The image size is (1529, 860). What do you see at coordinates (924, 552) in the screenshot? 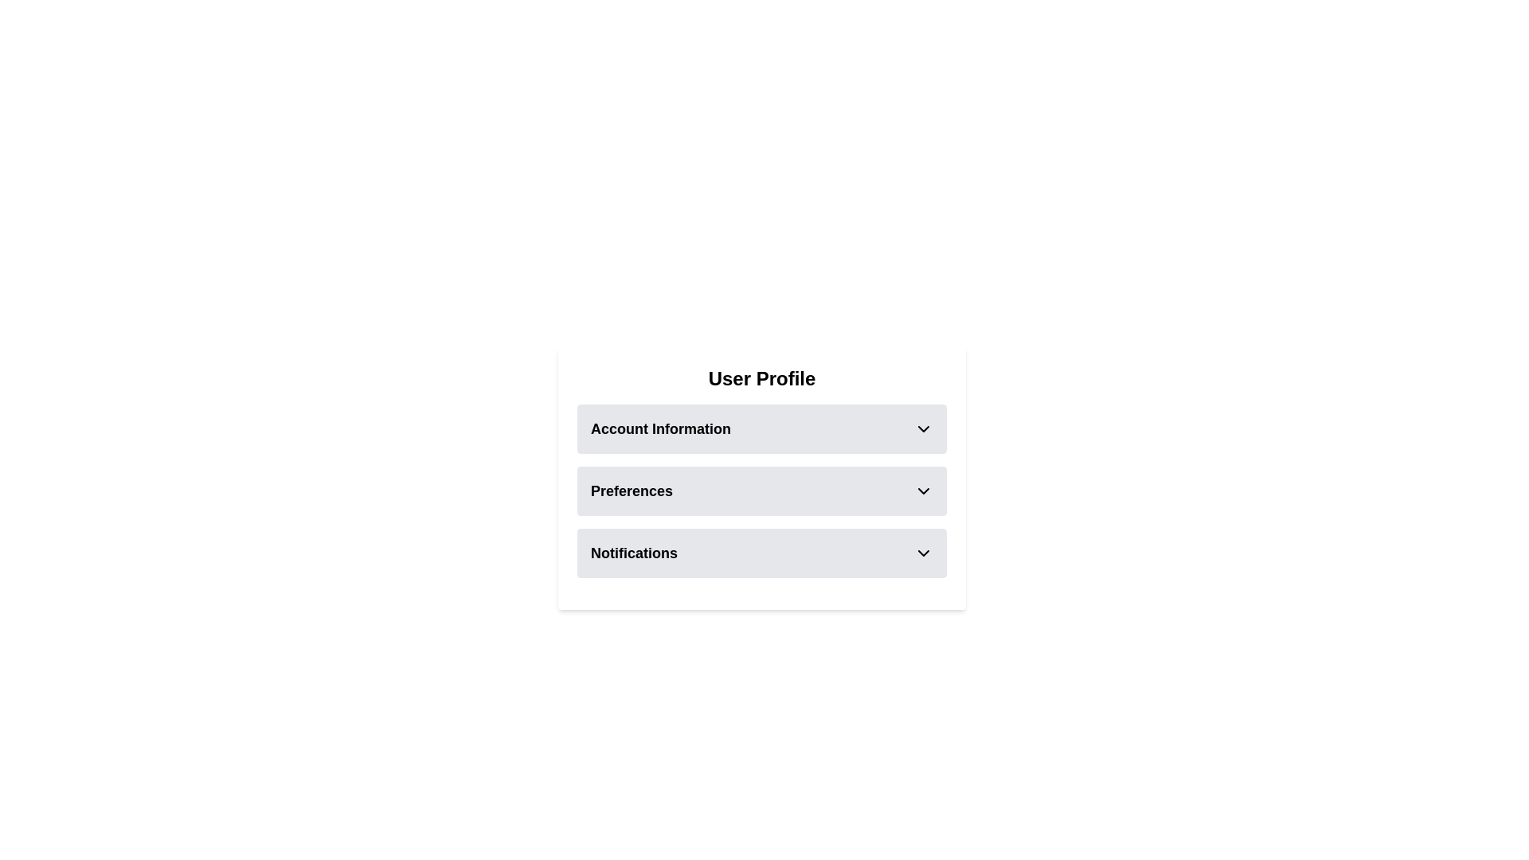
I see `the chevron icon located at the far-right side of the 'Notifications' header section to potentially display a tooltip` at bounding box center [924, 552].